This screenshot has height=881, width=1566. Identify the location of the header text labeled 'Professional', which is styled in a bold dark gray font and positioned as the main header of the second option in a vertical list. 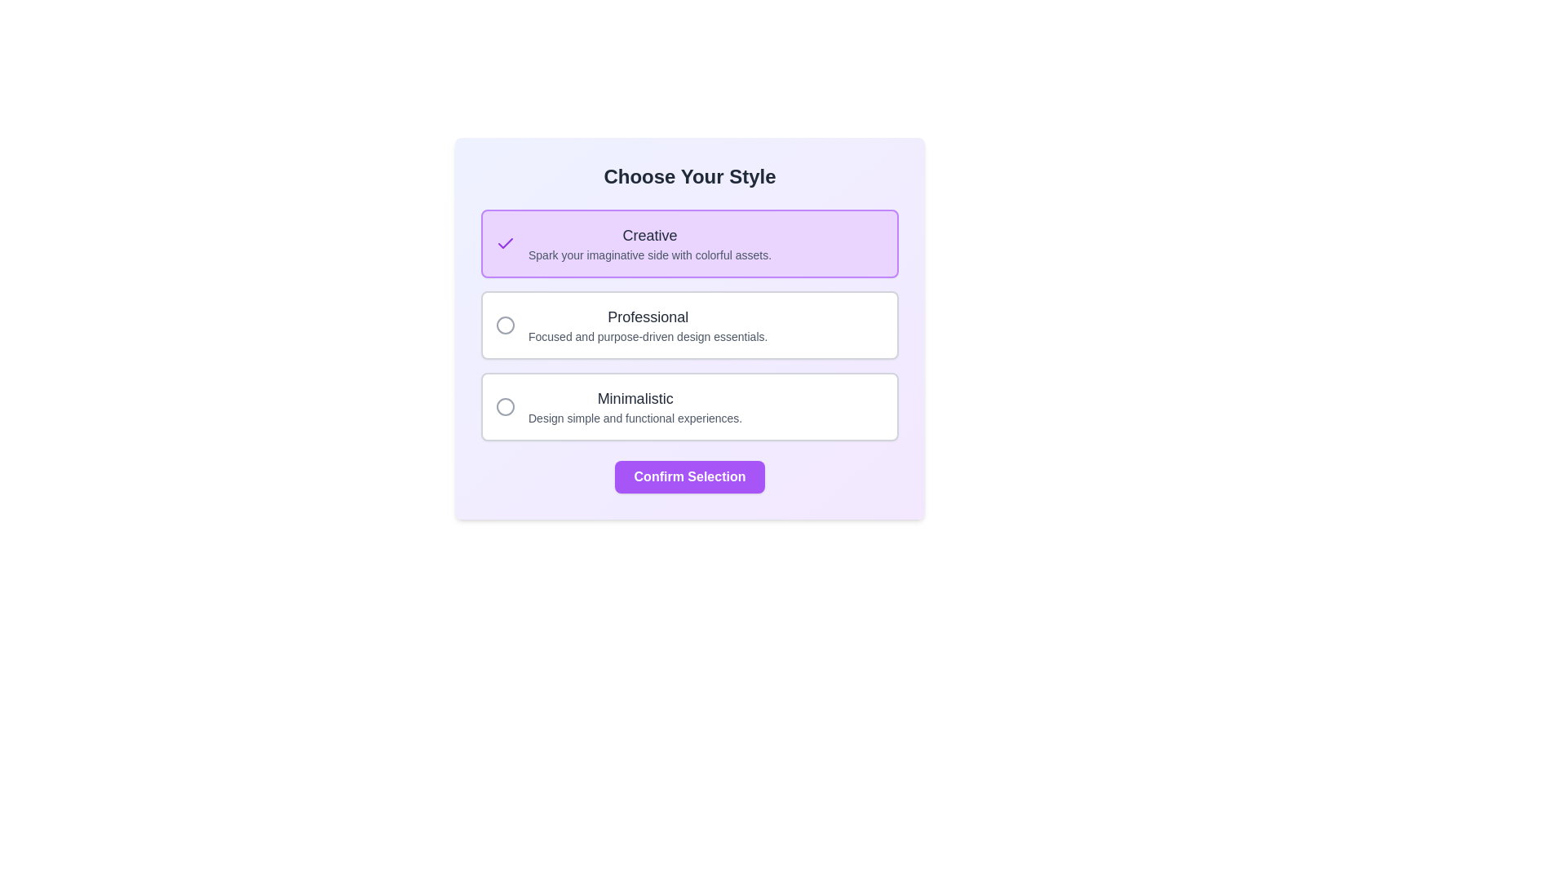
(647, 317).